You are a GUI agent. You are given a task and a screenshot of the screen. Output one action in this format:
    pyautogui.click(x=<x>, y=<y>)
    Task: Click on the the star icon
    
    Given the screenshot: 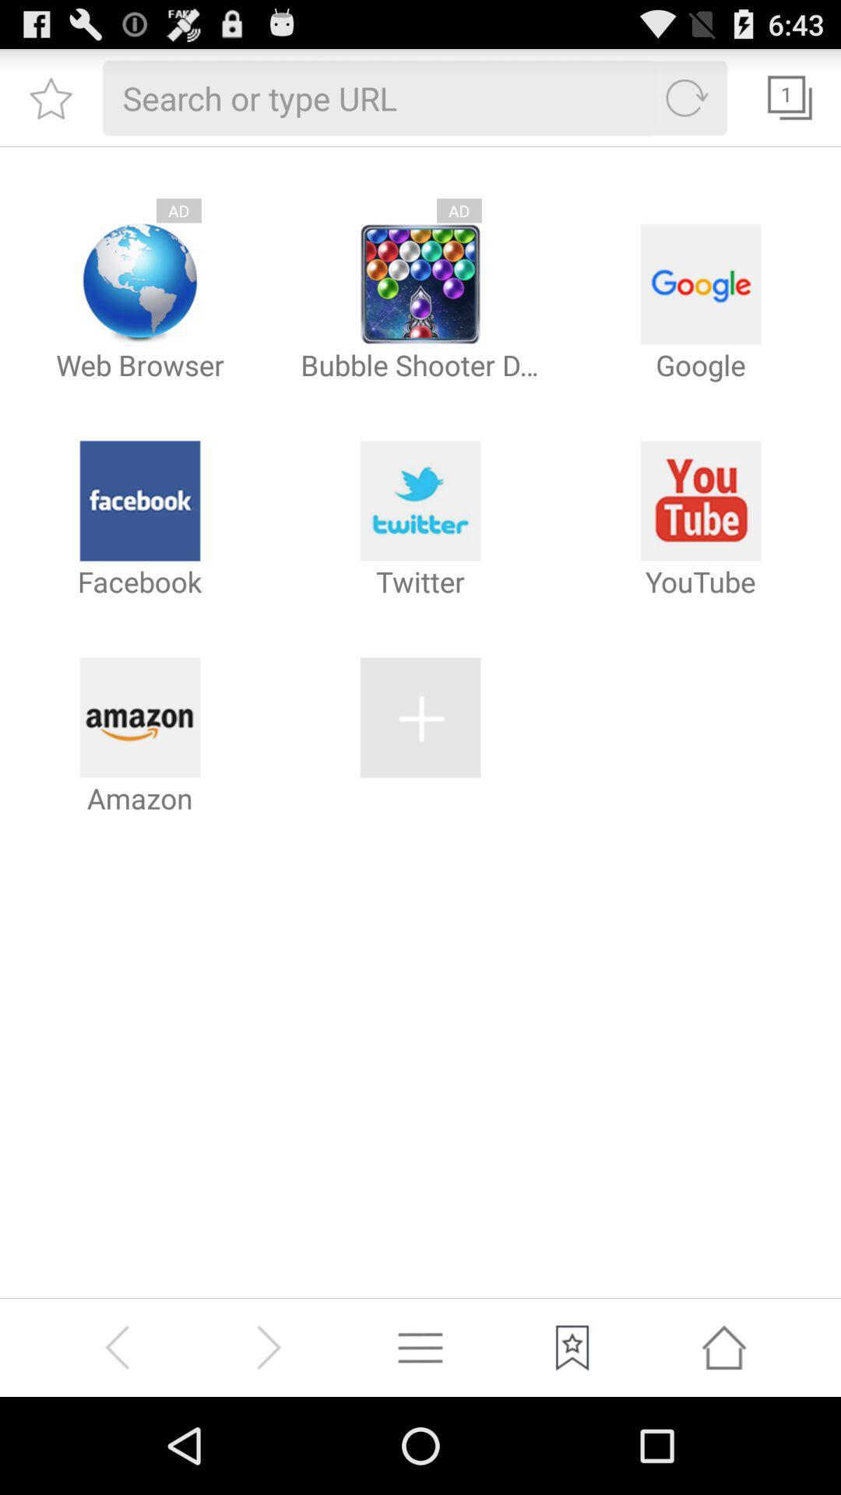 What is the action you would take?
    pyautogui.click(x=50, y=104)
    